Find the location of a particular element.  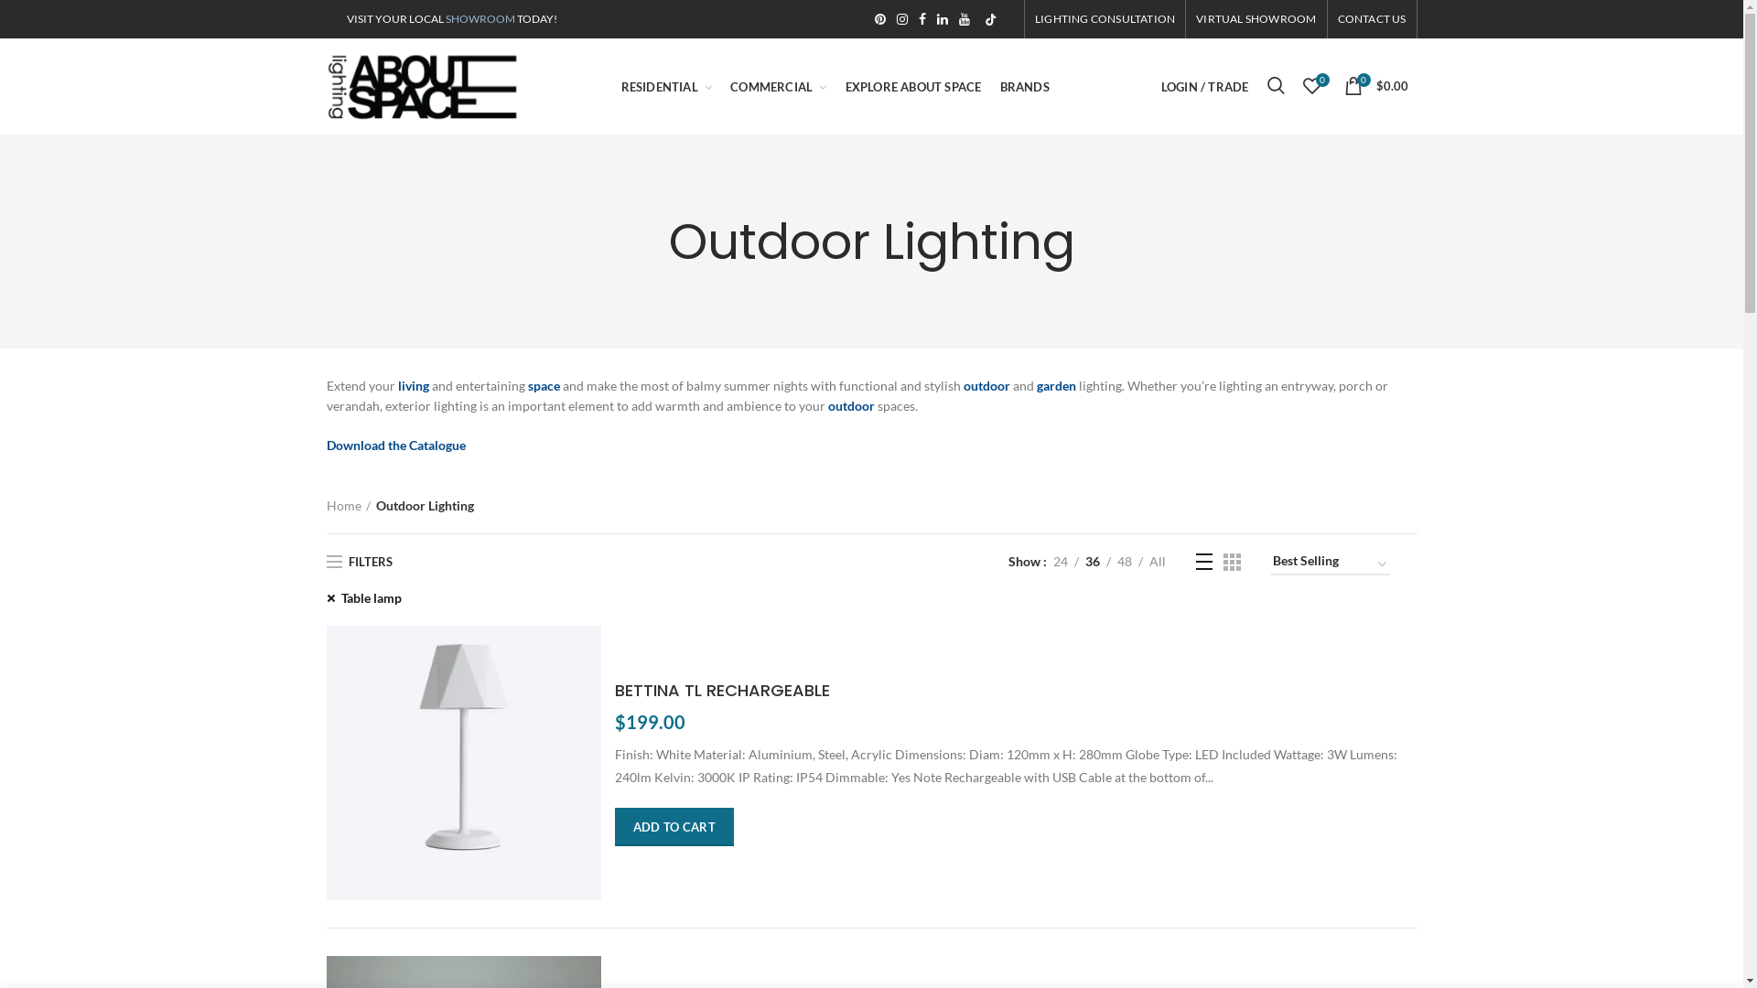

'Home' is located at coordinates (347, 505).